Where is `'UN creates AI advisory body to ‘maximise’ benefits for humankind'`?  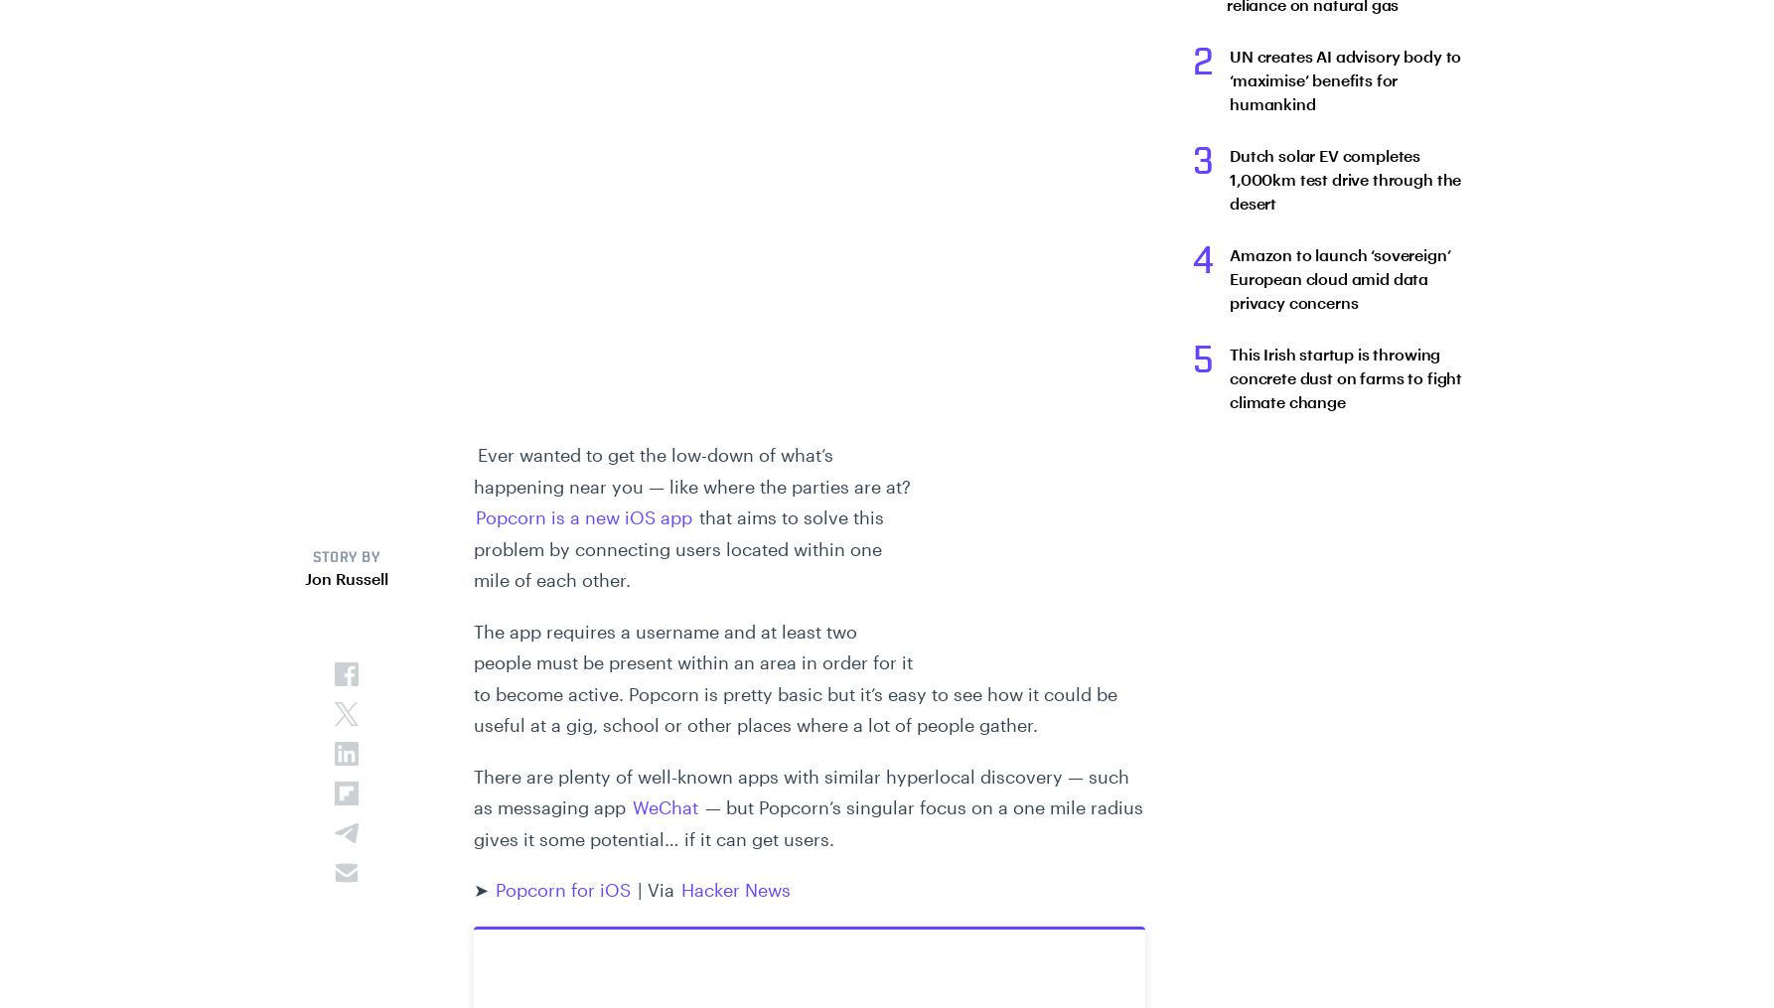 'UN creates AI advisory body to ‘maximise’ benefits for humankind' is located at coordinates (1344, 79).